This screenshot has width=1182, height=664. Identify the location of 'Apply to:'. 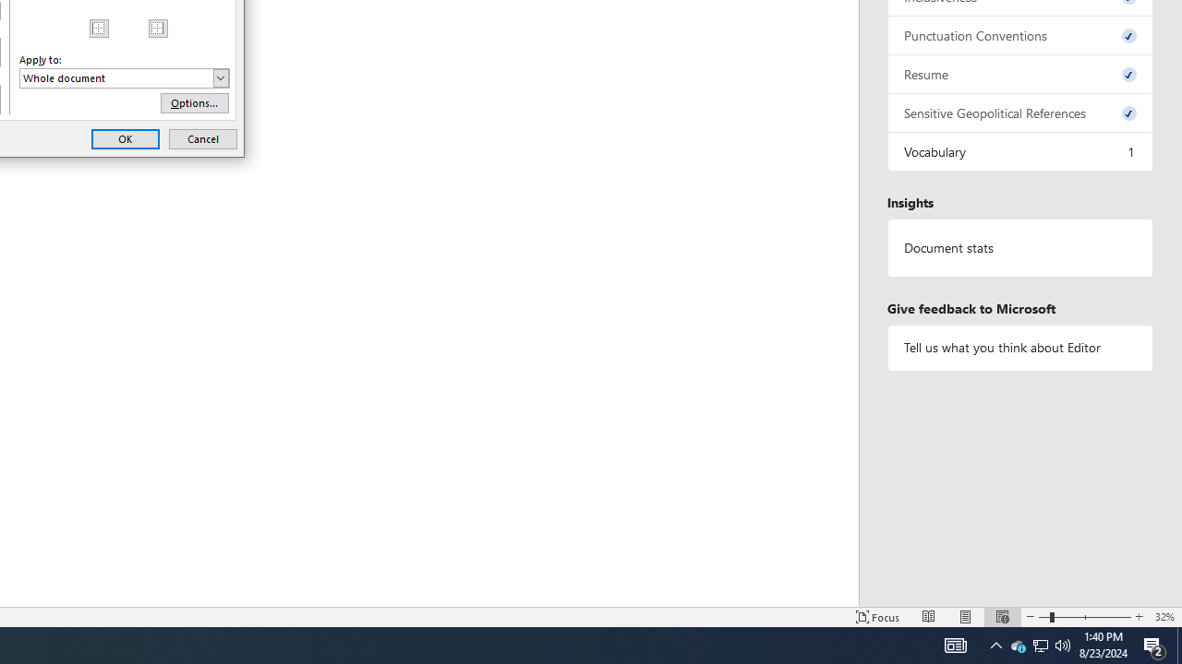
(124, 77).